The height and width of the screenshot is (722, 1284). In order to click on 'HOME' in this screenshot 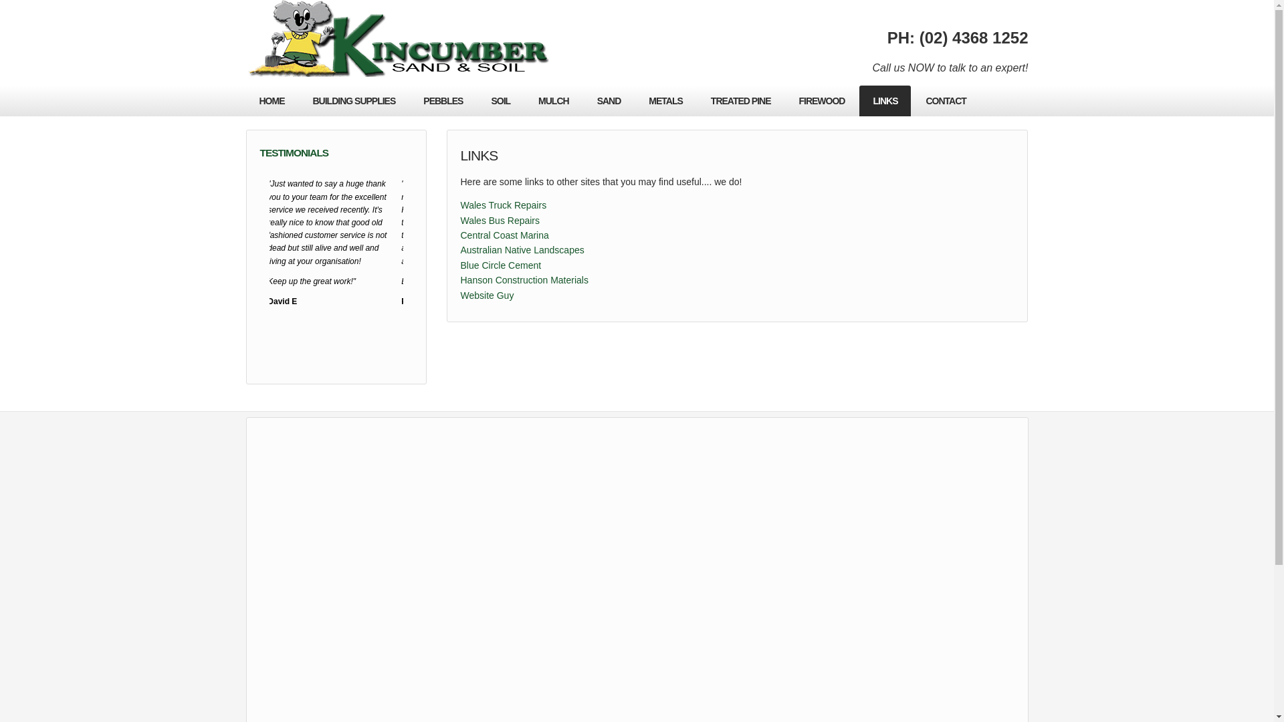, I will do `click(272, 100)`.